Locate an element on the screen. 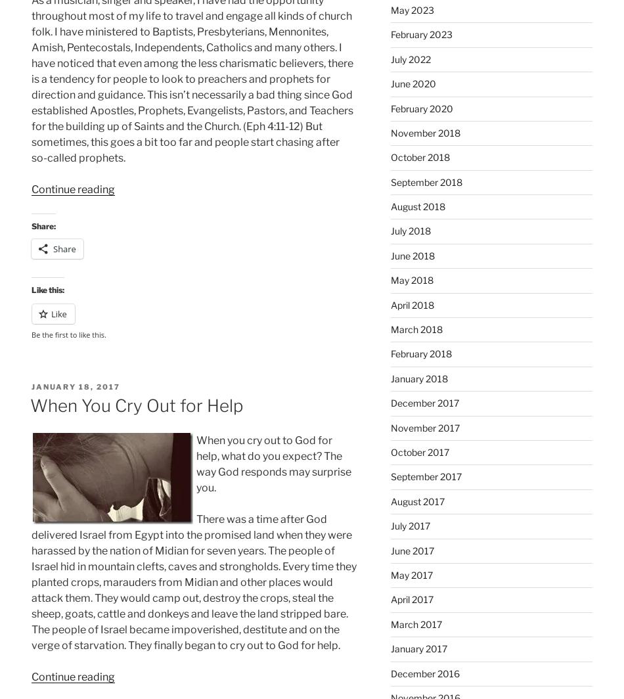  'November 2017' is located at coordinates (424, 427).